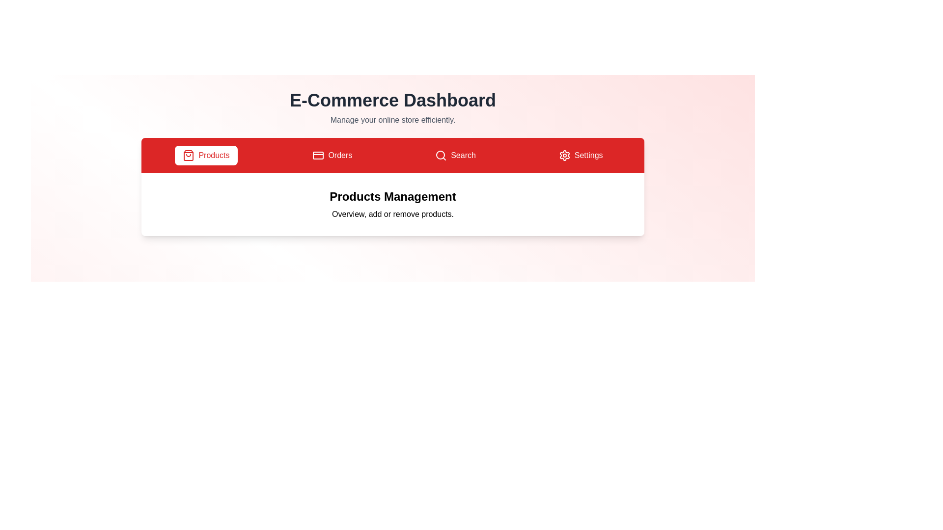  I want to click on the title and description element for the 'Products Management' section, which provides functionality for adding or removing products, so click(393, 204).